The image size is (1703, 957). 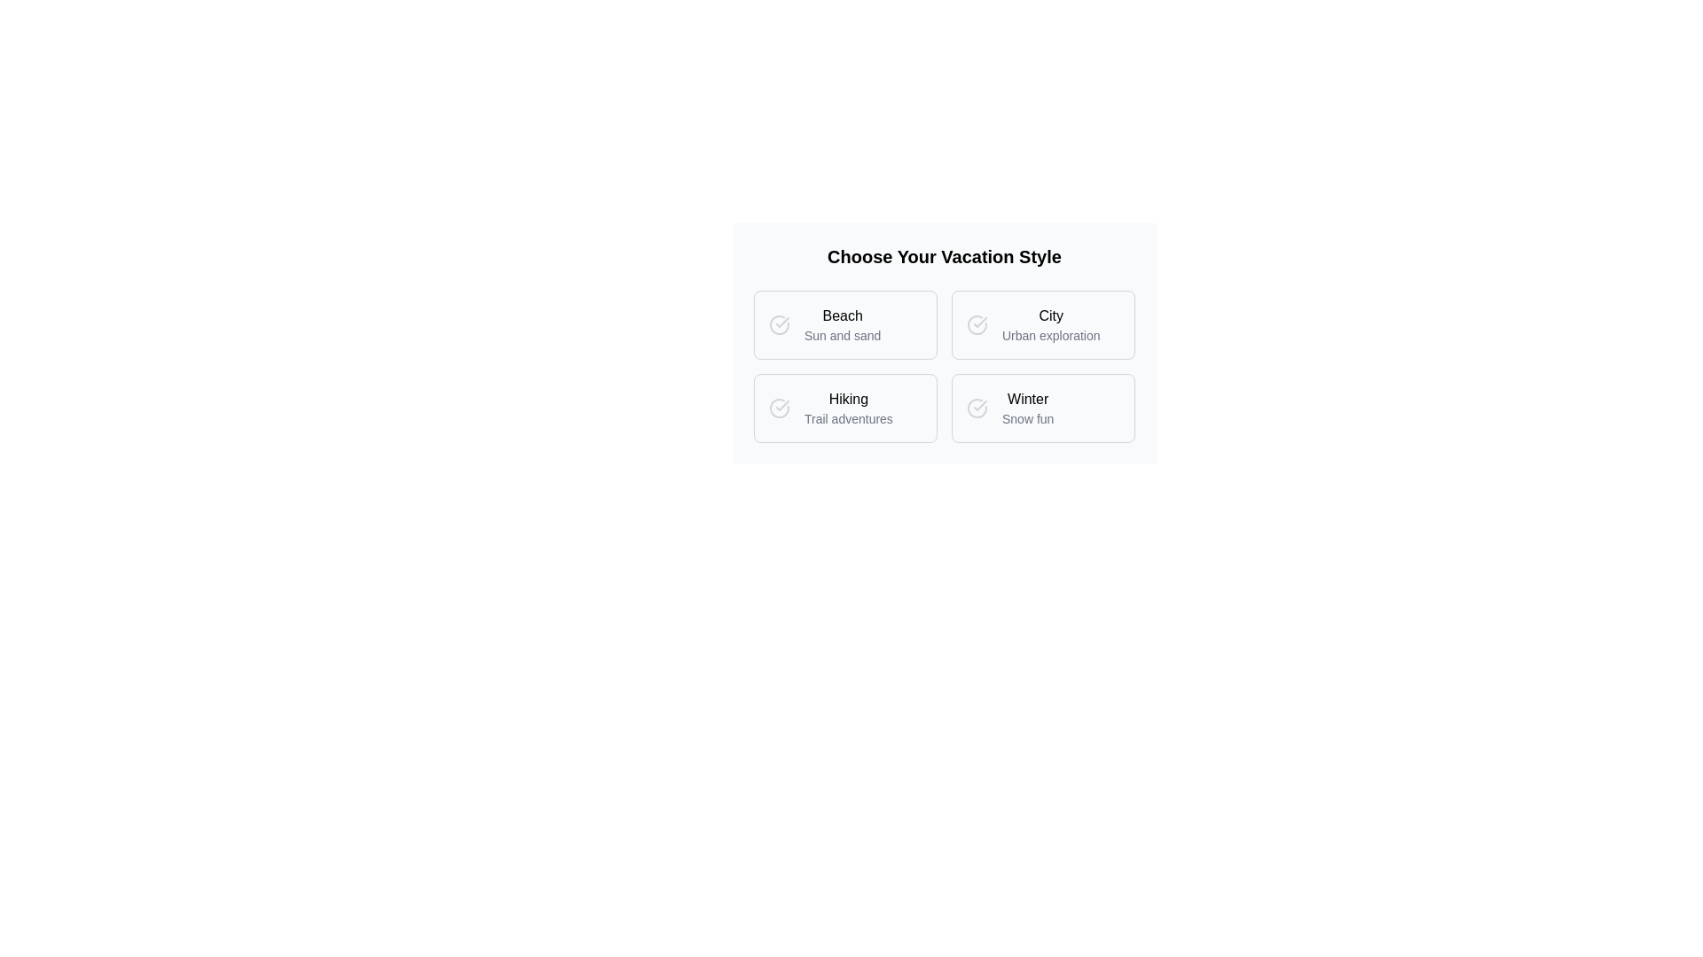 I want to click on the static text label displaying 'Urban exploration', which is styled with a small gray font and located below 'City' in the top-right option of the grid layout, so click(x=1051, y=335).